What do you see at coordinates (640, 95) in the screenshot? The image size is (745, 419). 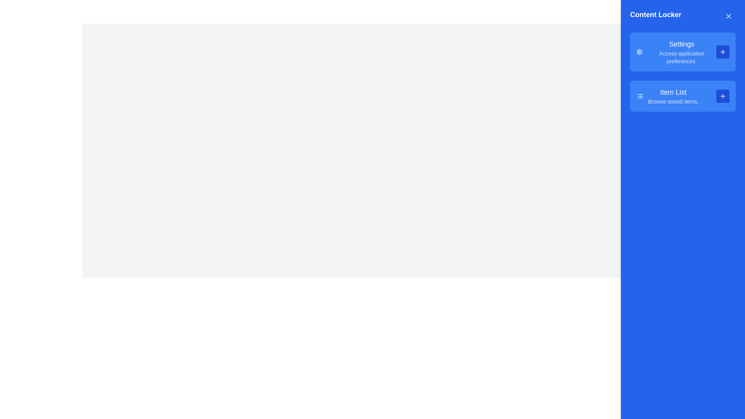 I see `the SVG icon resembling a three-line list, located at the top left corner of the 'Item List' section in the sidebar, next to the text 'Item List'` at bounding box center [640, 95].